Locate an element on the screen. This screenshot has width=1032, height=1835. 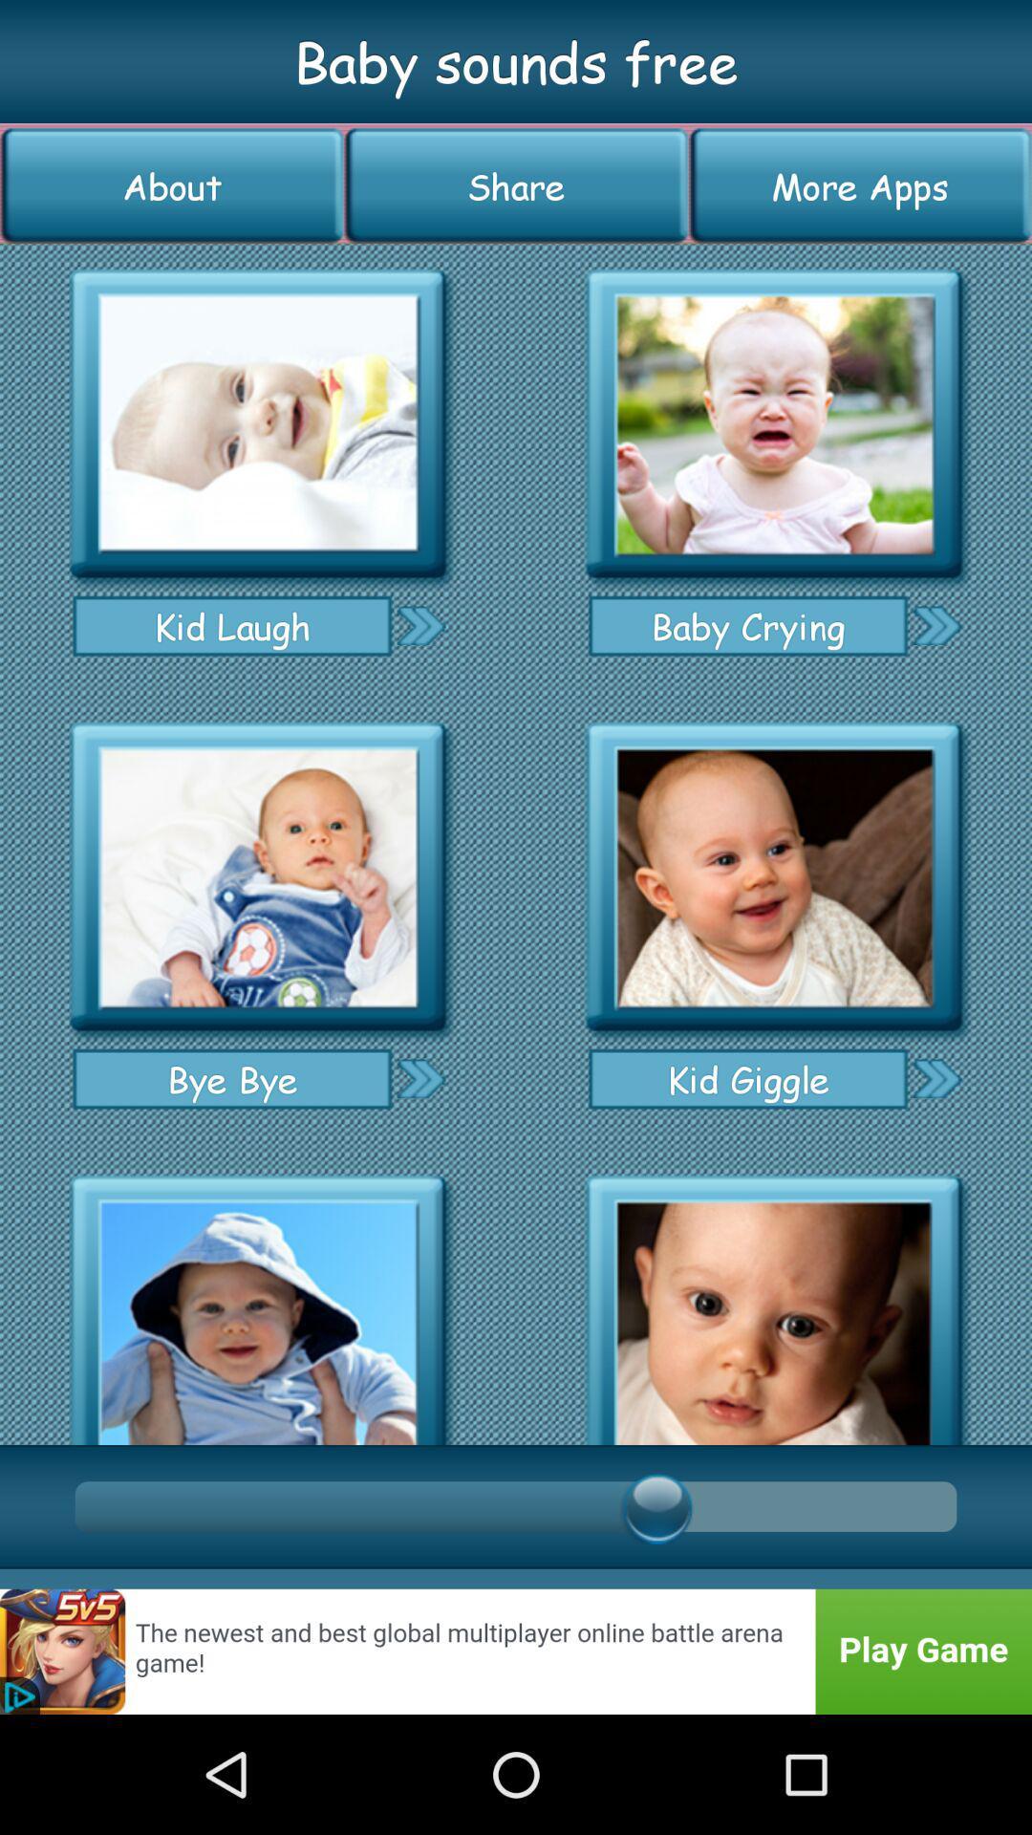
listen to ringtone is located at coordinates (774, 876).